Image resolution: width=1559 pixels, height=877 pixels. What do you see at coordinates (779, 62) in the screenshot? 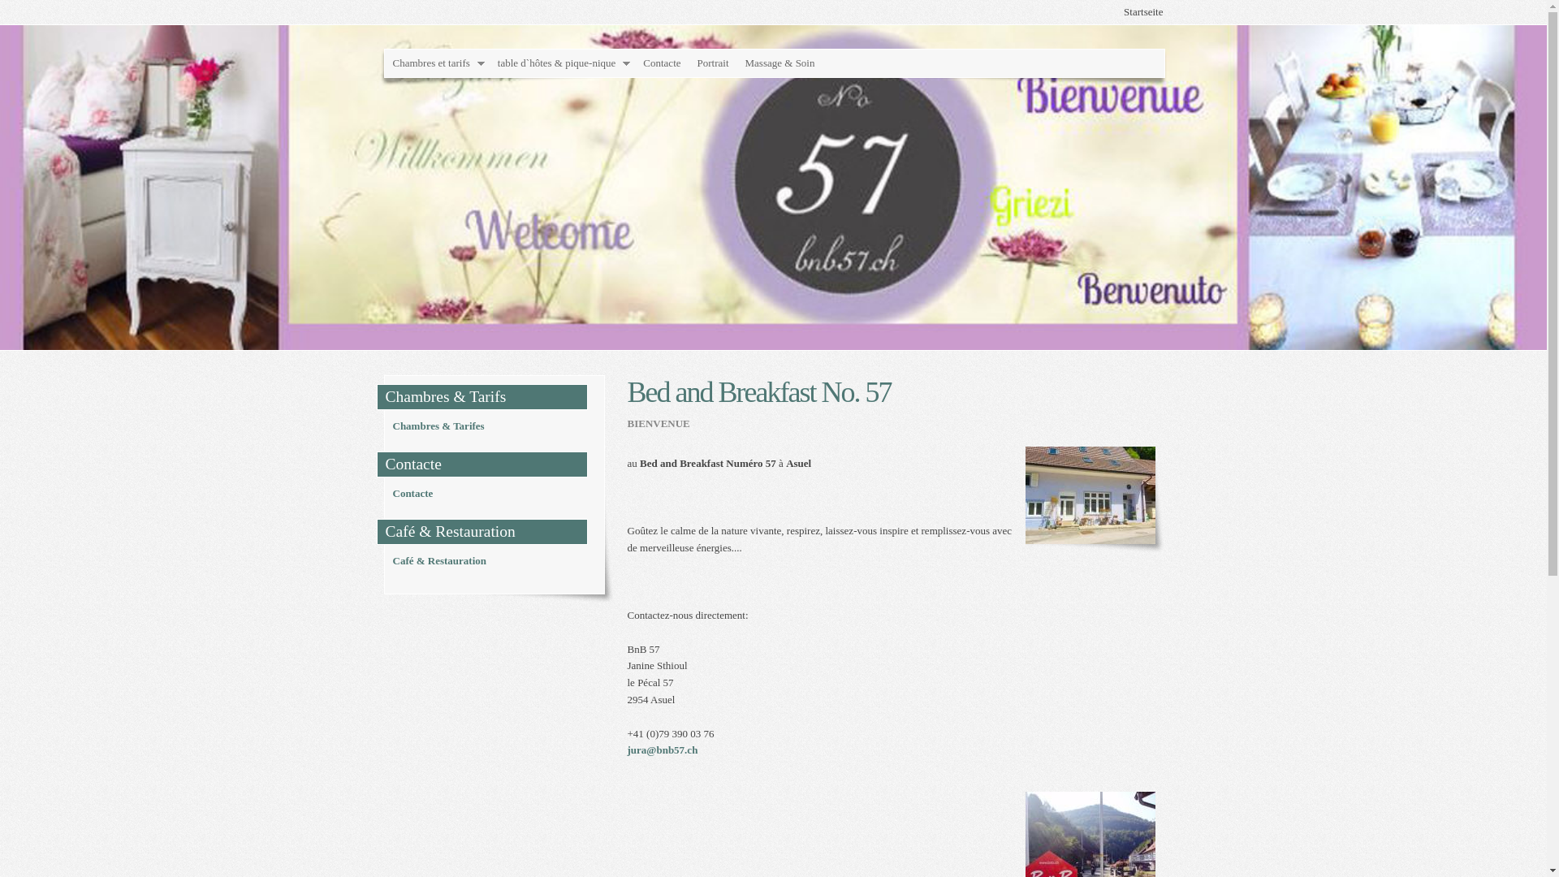
I see `'Massage & Soin'` at bounding box center [779, 62].